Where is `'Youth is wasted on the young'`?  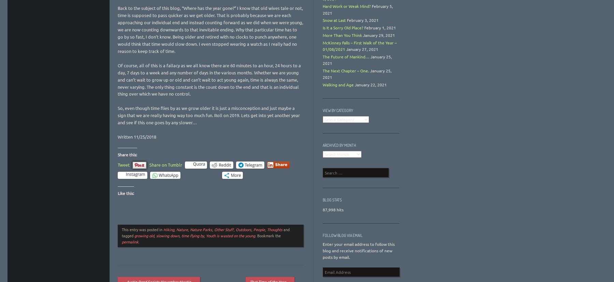 'Youth is wasted on the young' is located at coordinates (206, 235).